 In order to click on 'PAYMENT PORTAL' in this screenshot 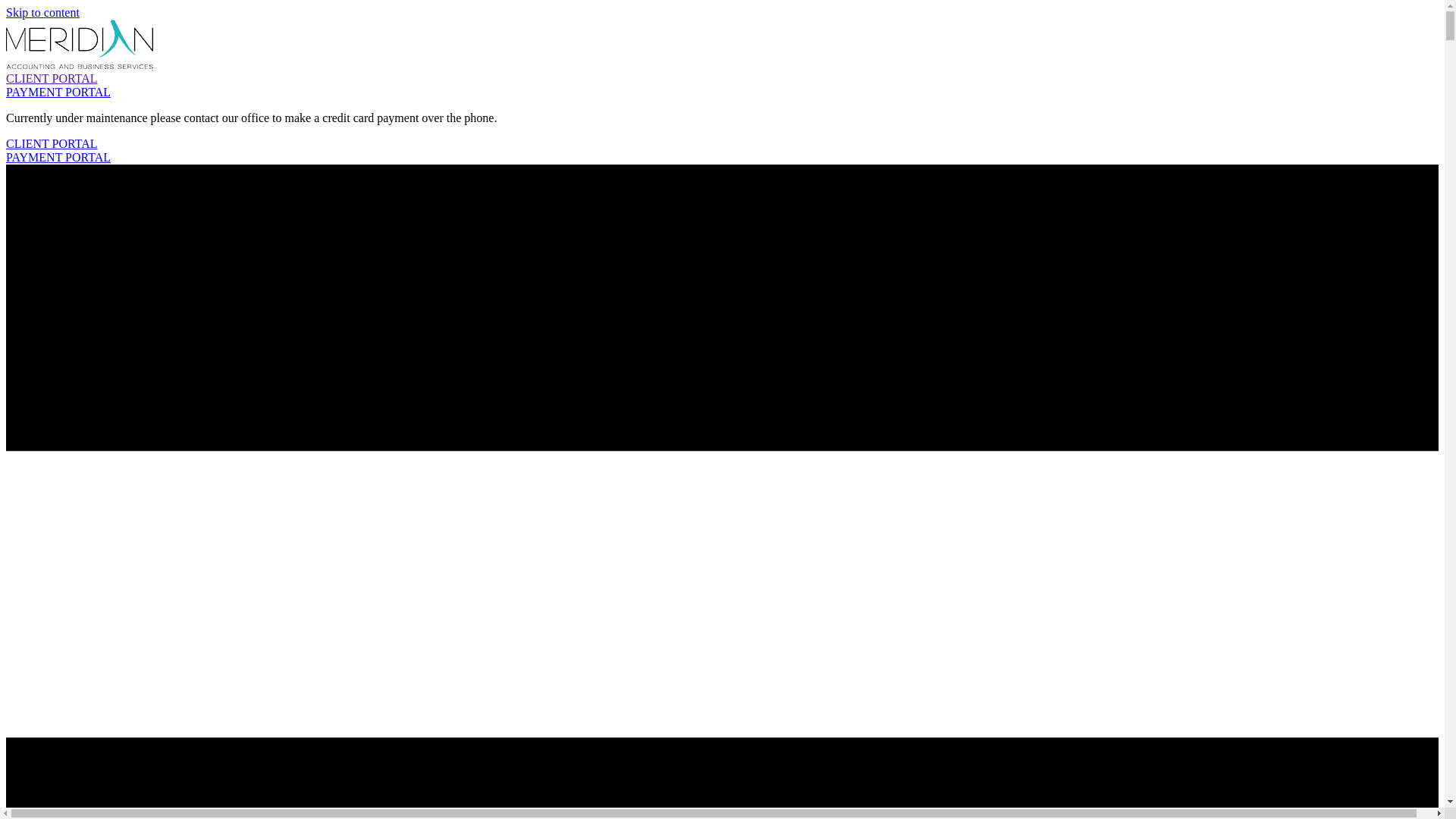, I will do `click(58, 92)`.